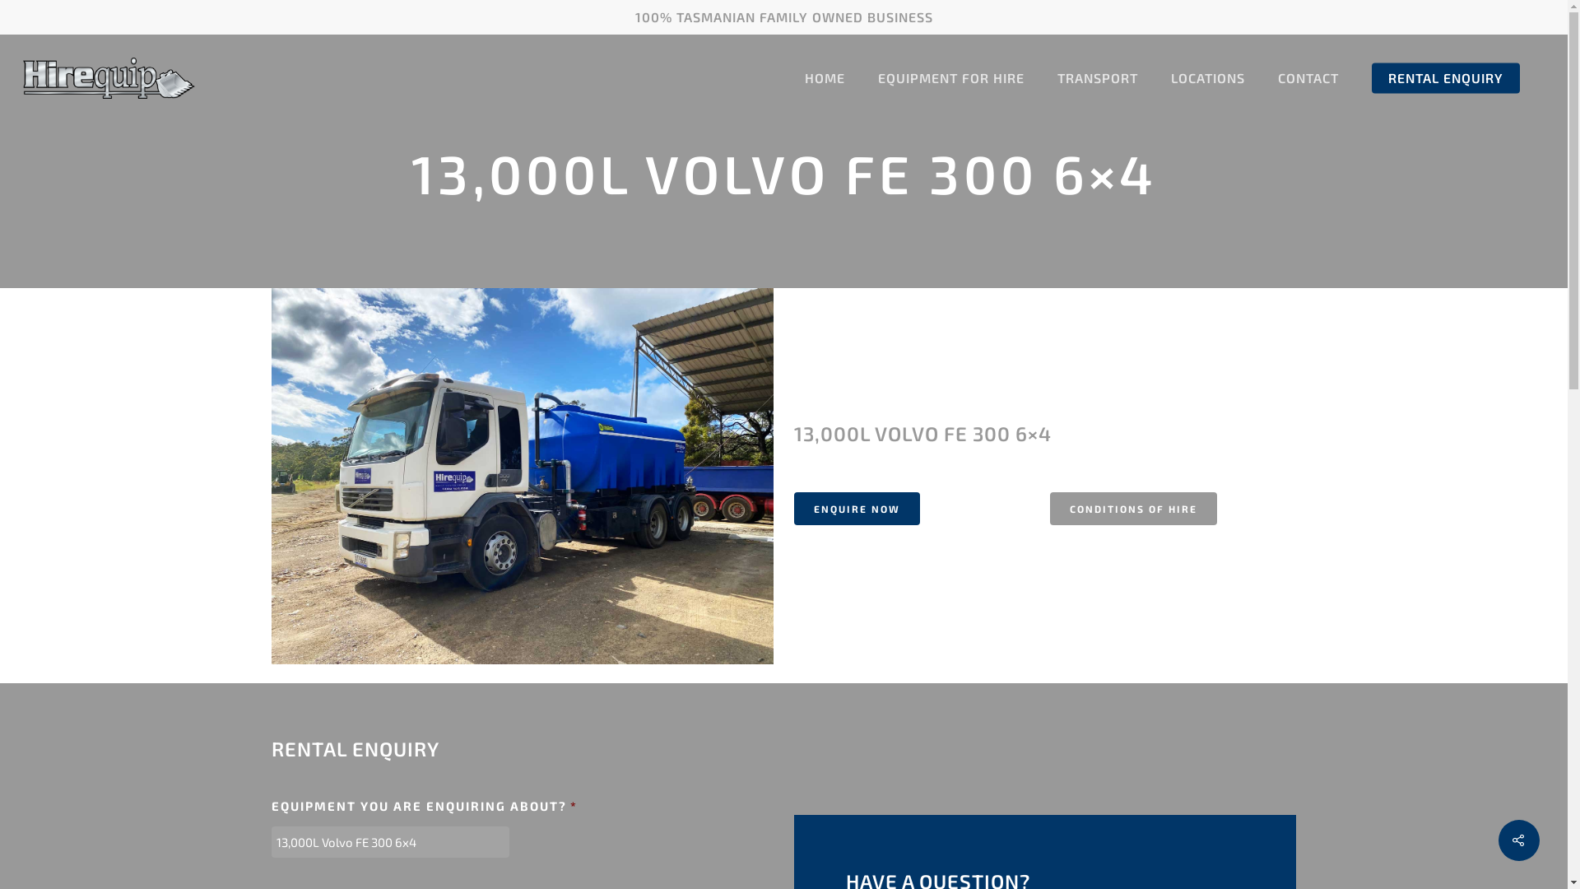  Describe the element at coordinates (856, 507) in the screenshot. I see `'ENQUIRE NOW'` at that location.